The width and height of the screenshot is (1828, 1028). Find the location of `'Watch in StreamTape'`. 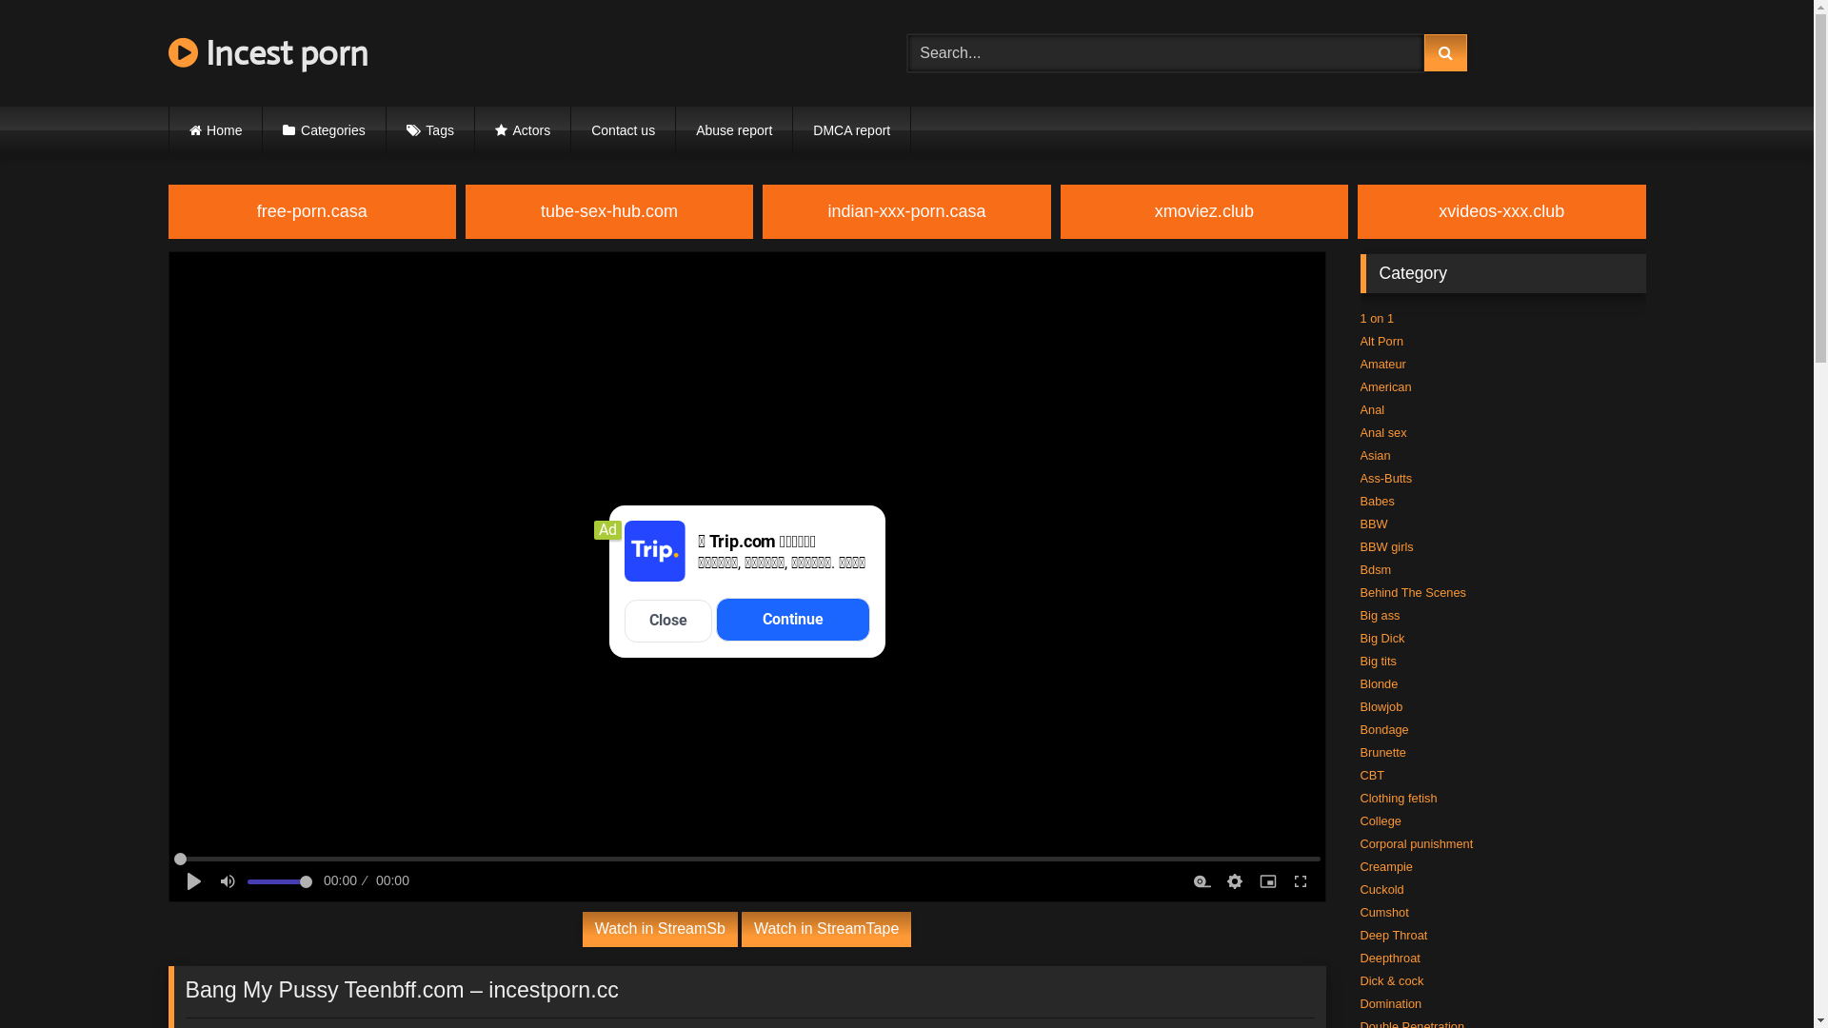

'Watch in StreamTape' is located at coordinates (826, 928).